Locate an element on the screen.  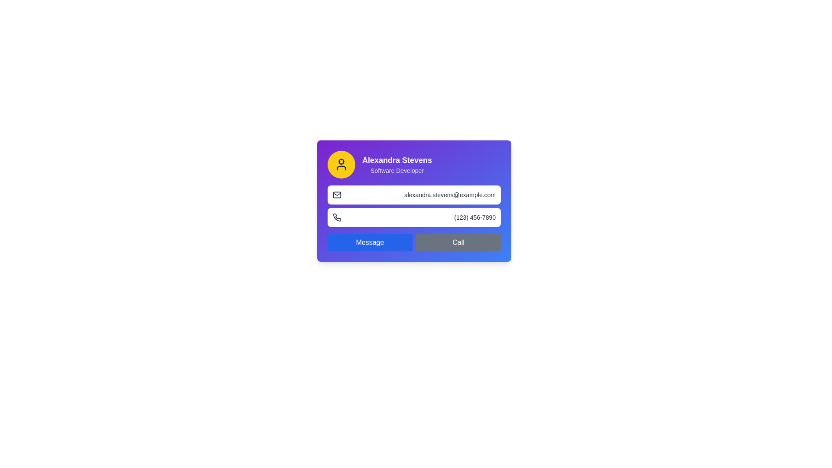
the phone call icon located adjacent to the phone number '(123) 456-7890' in the interface is located at coordinates (336, 217).